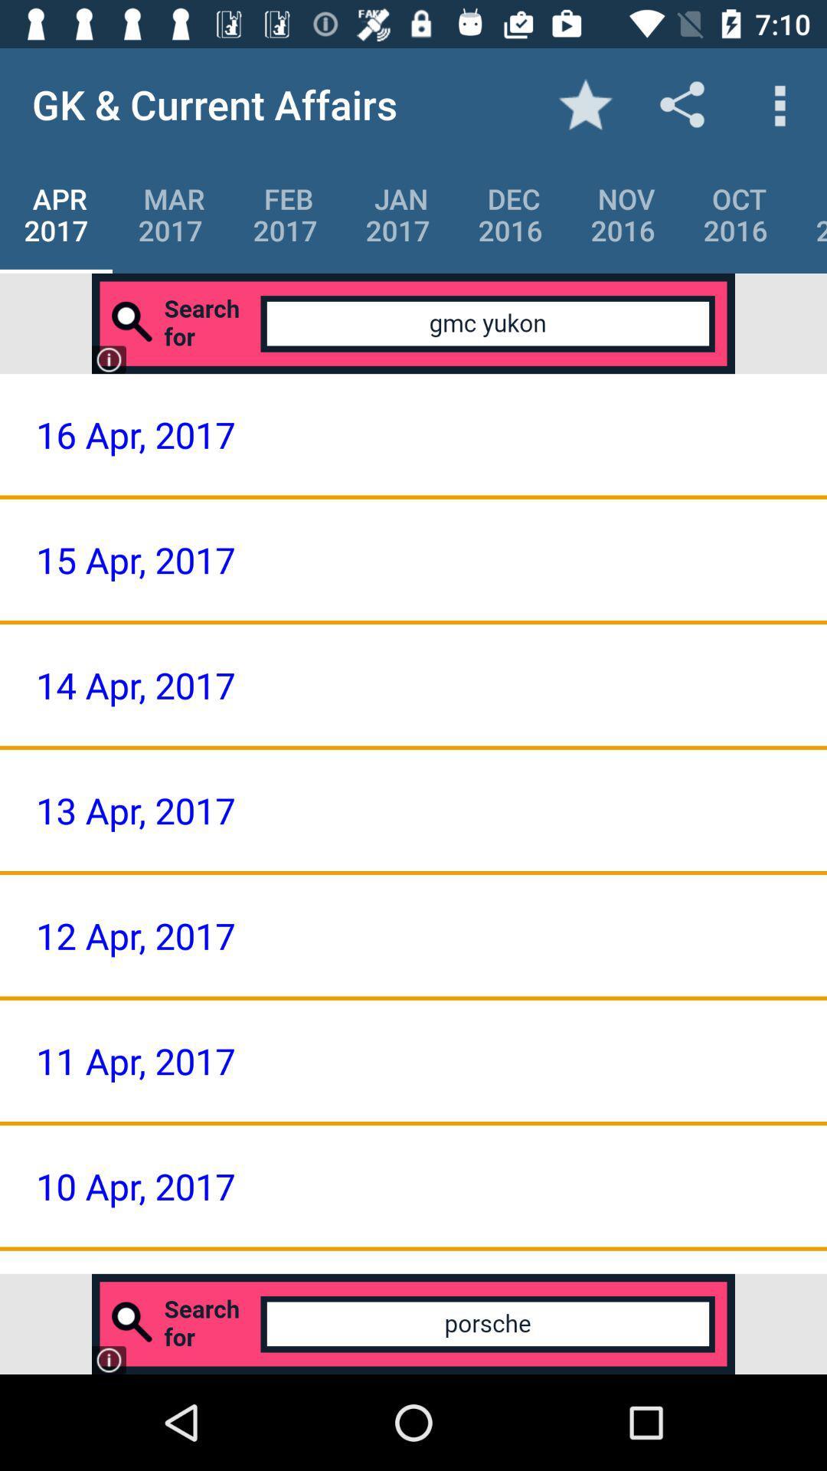 This screenshot has width=827, height=1471. I want to click on item next to the  dec, so click(623, 214).